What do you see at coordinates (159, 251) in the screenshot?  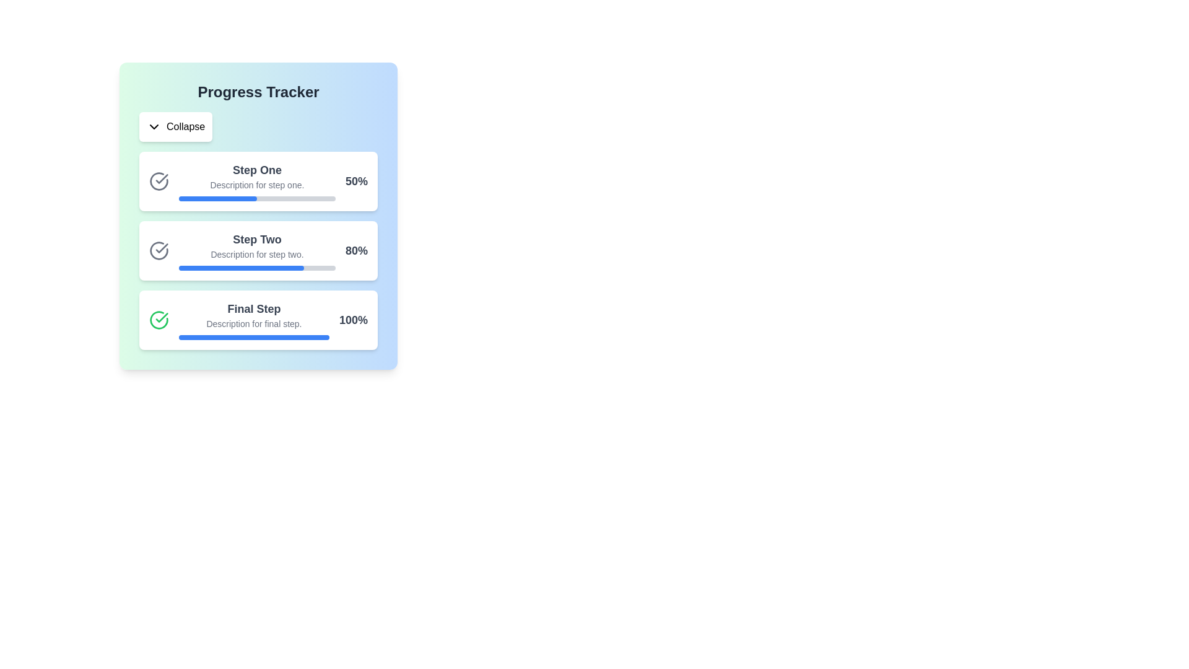 I see `the progress completion icon for 'Step Two' that features a checkmark enclosed in a circle, located to the left of the text 'Step Two'` at bounding box center [159, 251].